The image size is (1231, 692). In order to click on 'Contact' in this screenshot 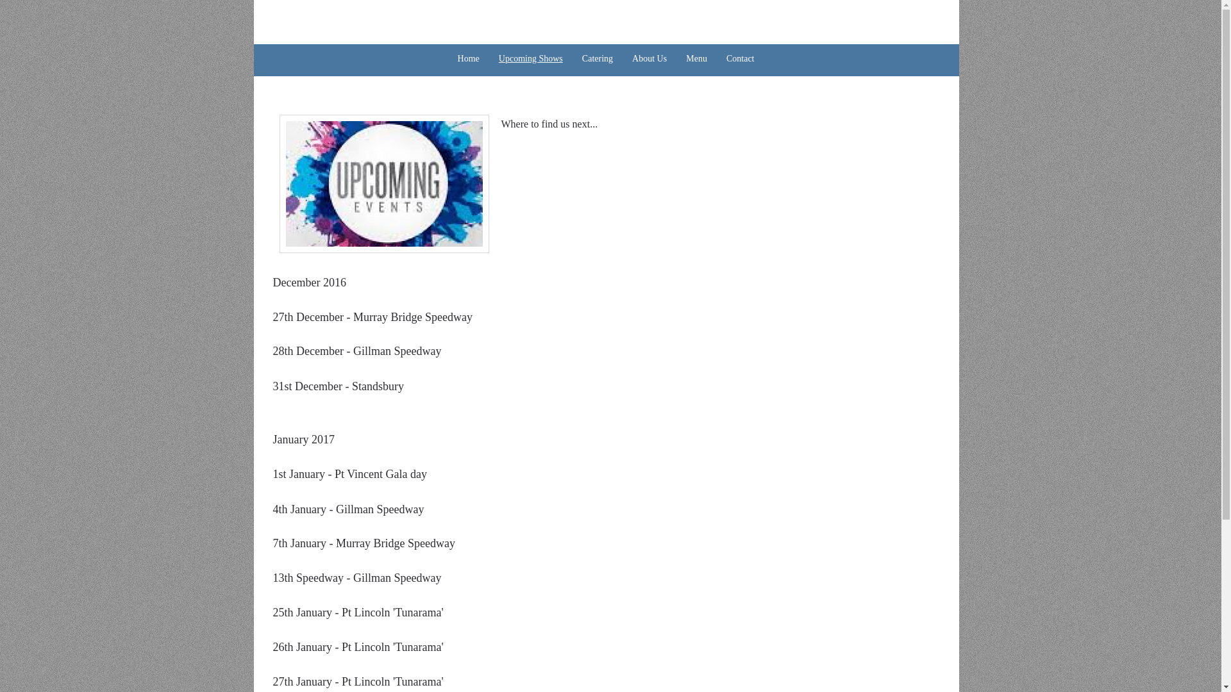, I will do `click(741, 59)`.